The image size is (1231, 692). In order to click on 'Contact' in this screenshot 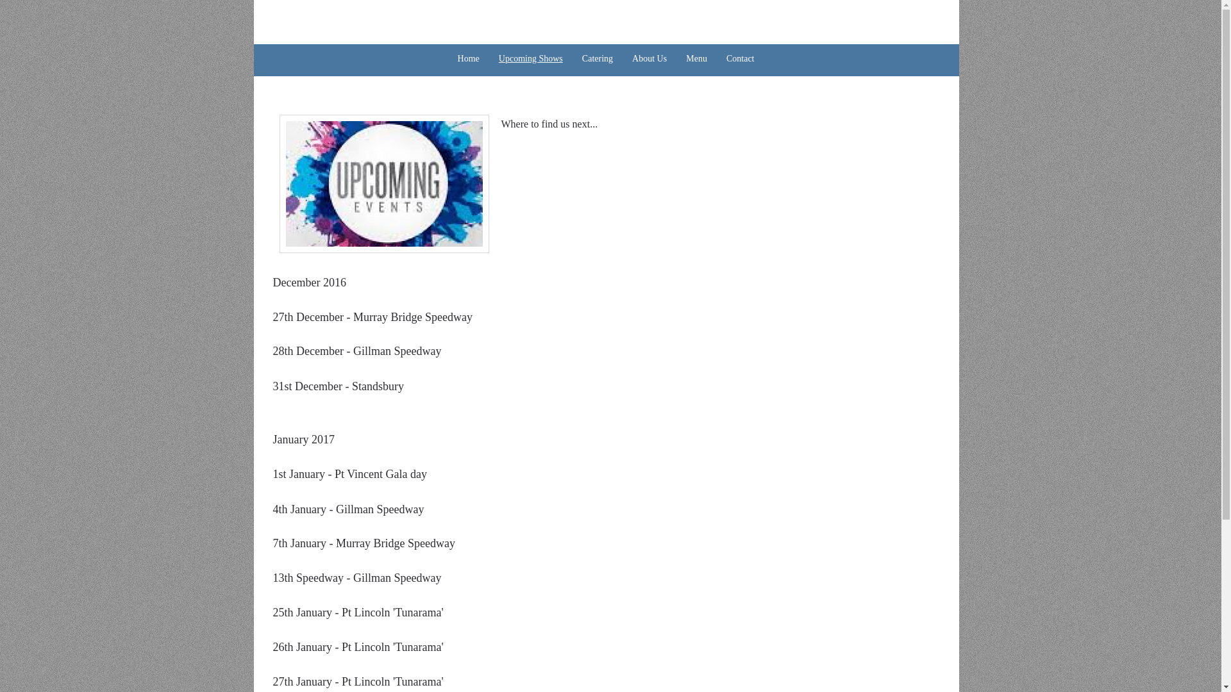, I will do `click(741, 59)`.